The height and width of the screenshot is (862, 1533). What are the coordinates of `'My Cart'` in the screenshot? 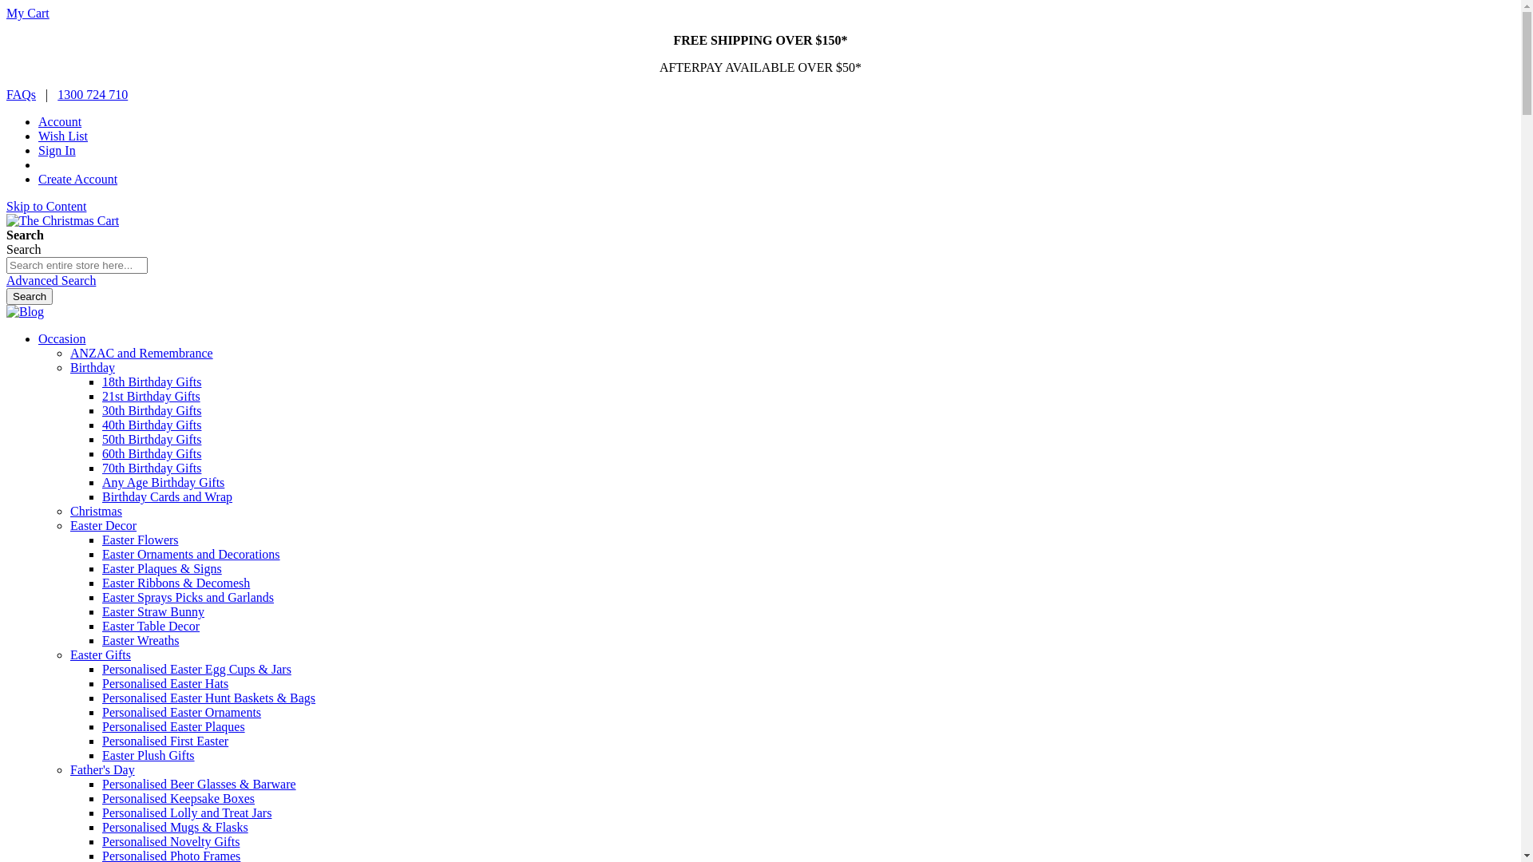 It's located at (6, 13).